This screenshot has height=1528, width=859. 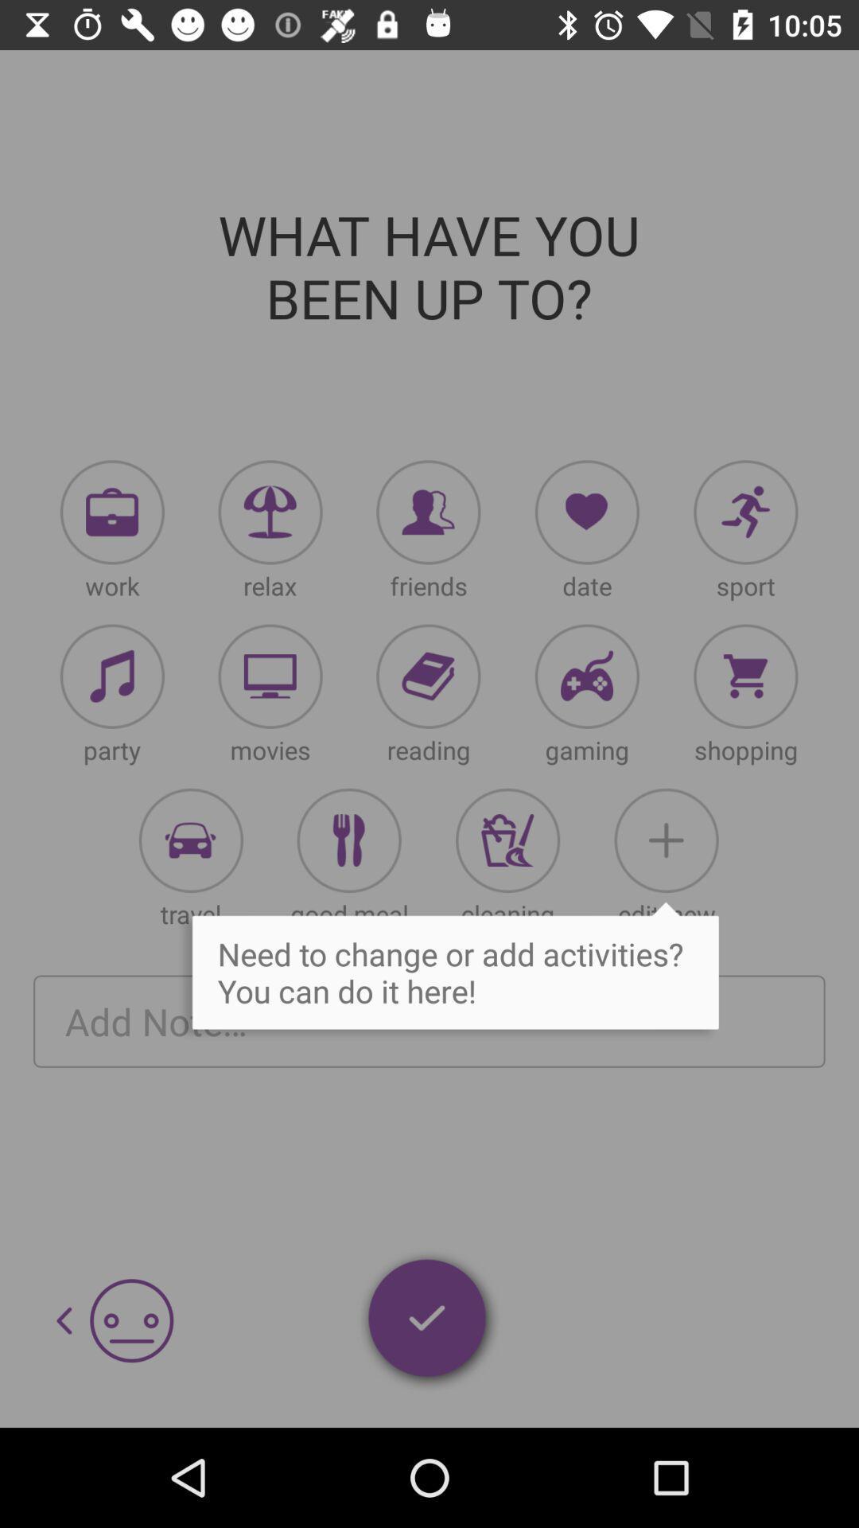 I want to click on confirm, so click(x=428, y=1321).